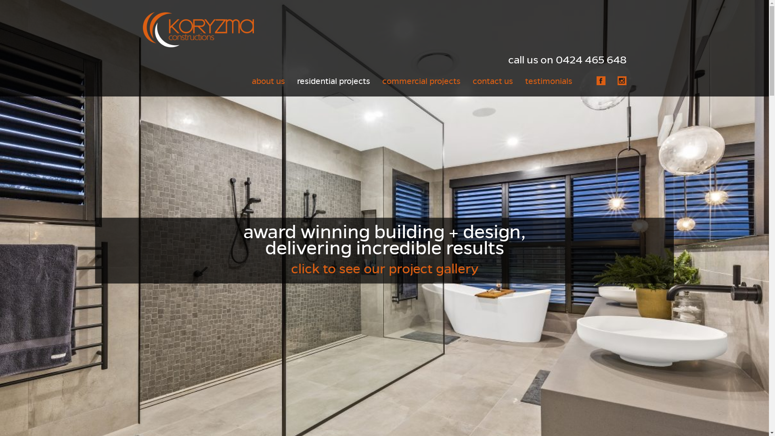 The width and height of the screenshot is (775, 436). What do you see at coordinates (472, 81) in the screenshot?
I see `'contact us'` at bounding box center [472, 81].